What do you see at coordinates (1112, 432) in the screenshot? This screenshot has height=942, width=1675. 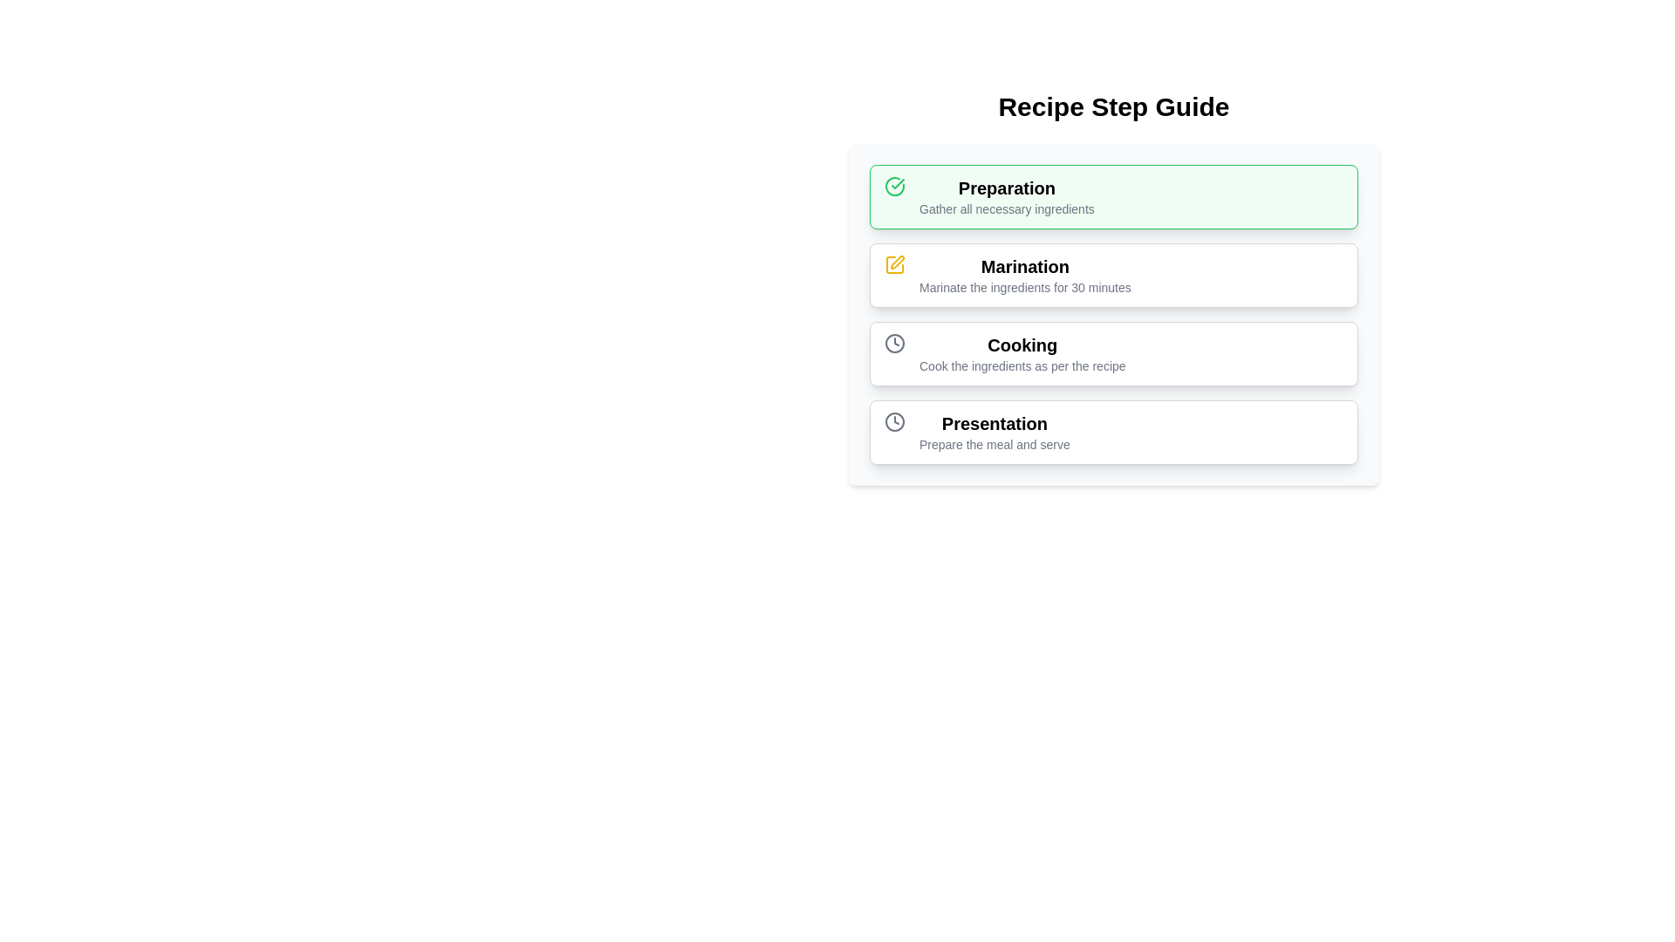 I see `the fourth Informational Card that displays the step description for 'Presentation' in the recipe guide` at bounding box center [1112, 432].